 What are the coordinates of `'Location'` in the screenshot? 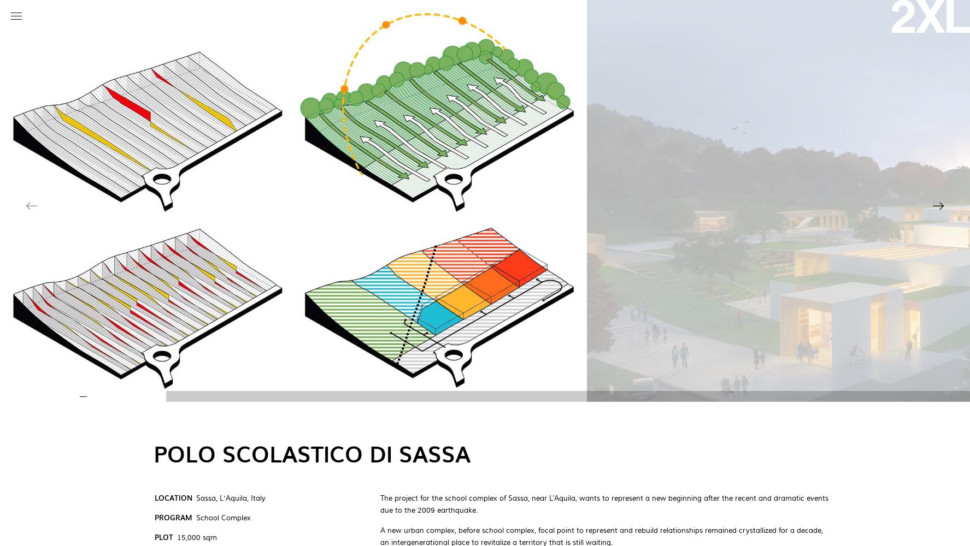 It's located at (173, 497).